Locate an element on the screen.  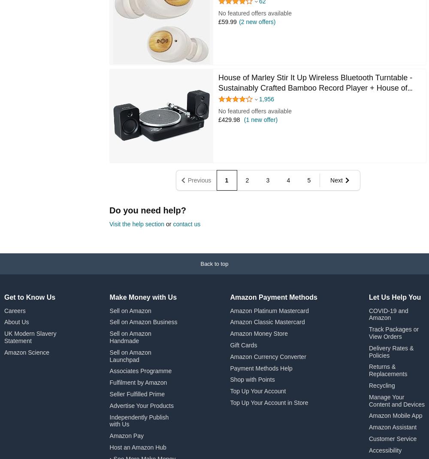
'Get to Know Us' is located at coordinates (29, 296).